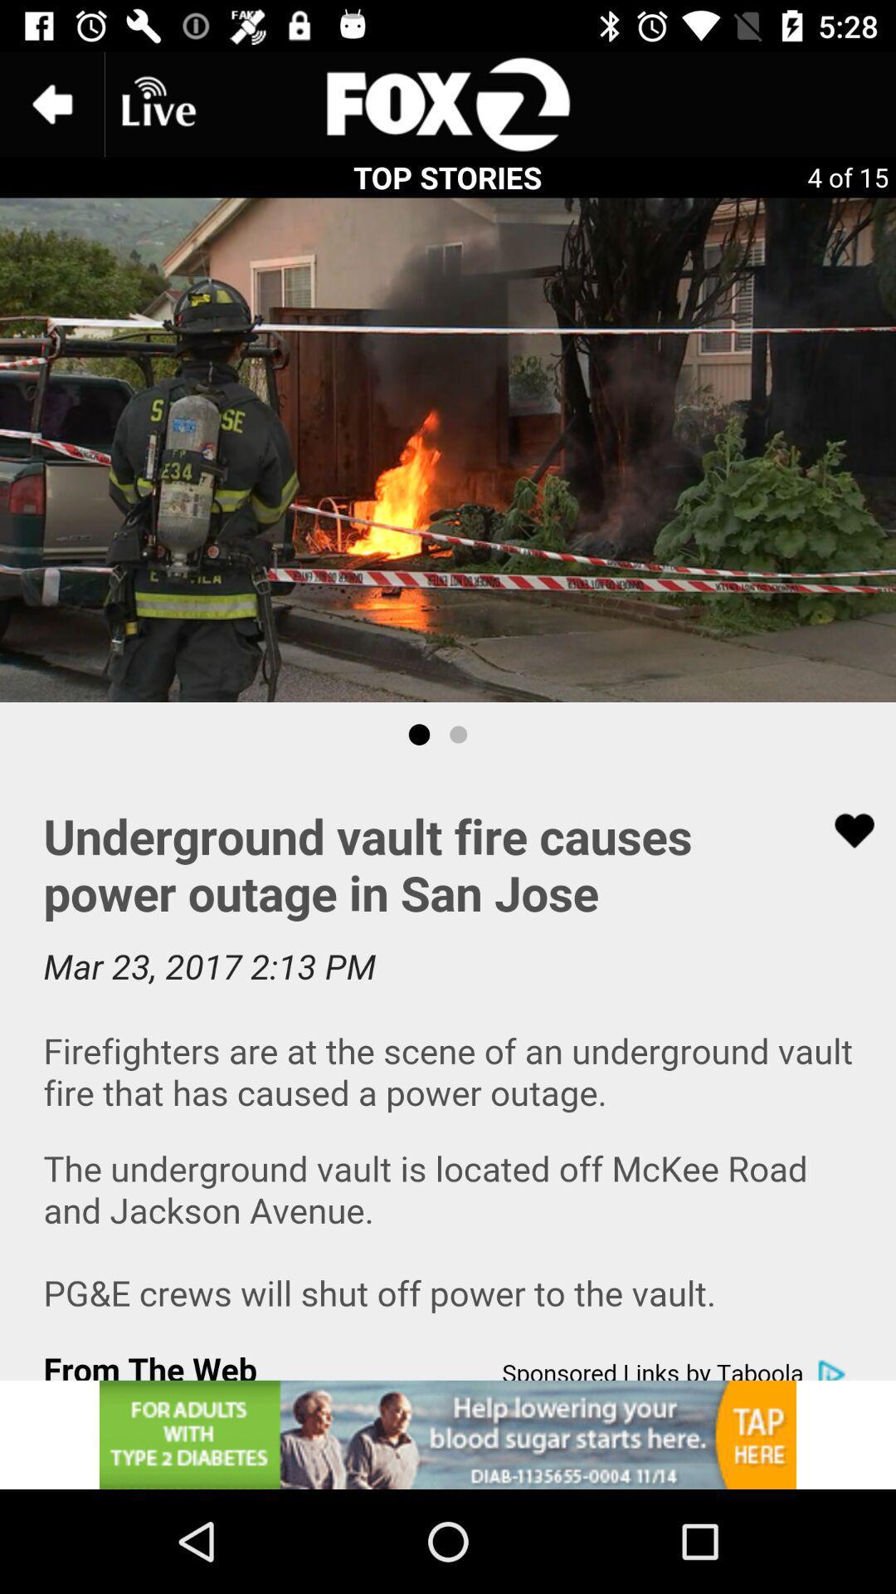 This screenshot has height=1594, width=896. What do you see at coordinates (448, 103) in the screenshot?
I see `name of fox` at bounding box center [448, 103].